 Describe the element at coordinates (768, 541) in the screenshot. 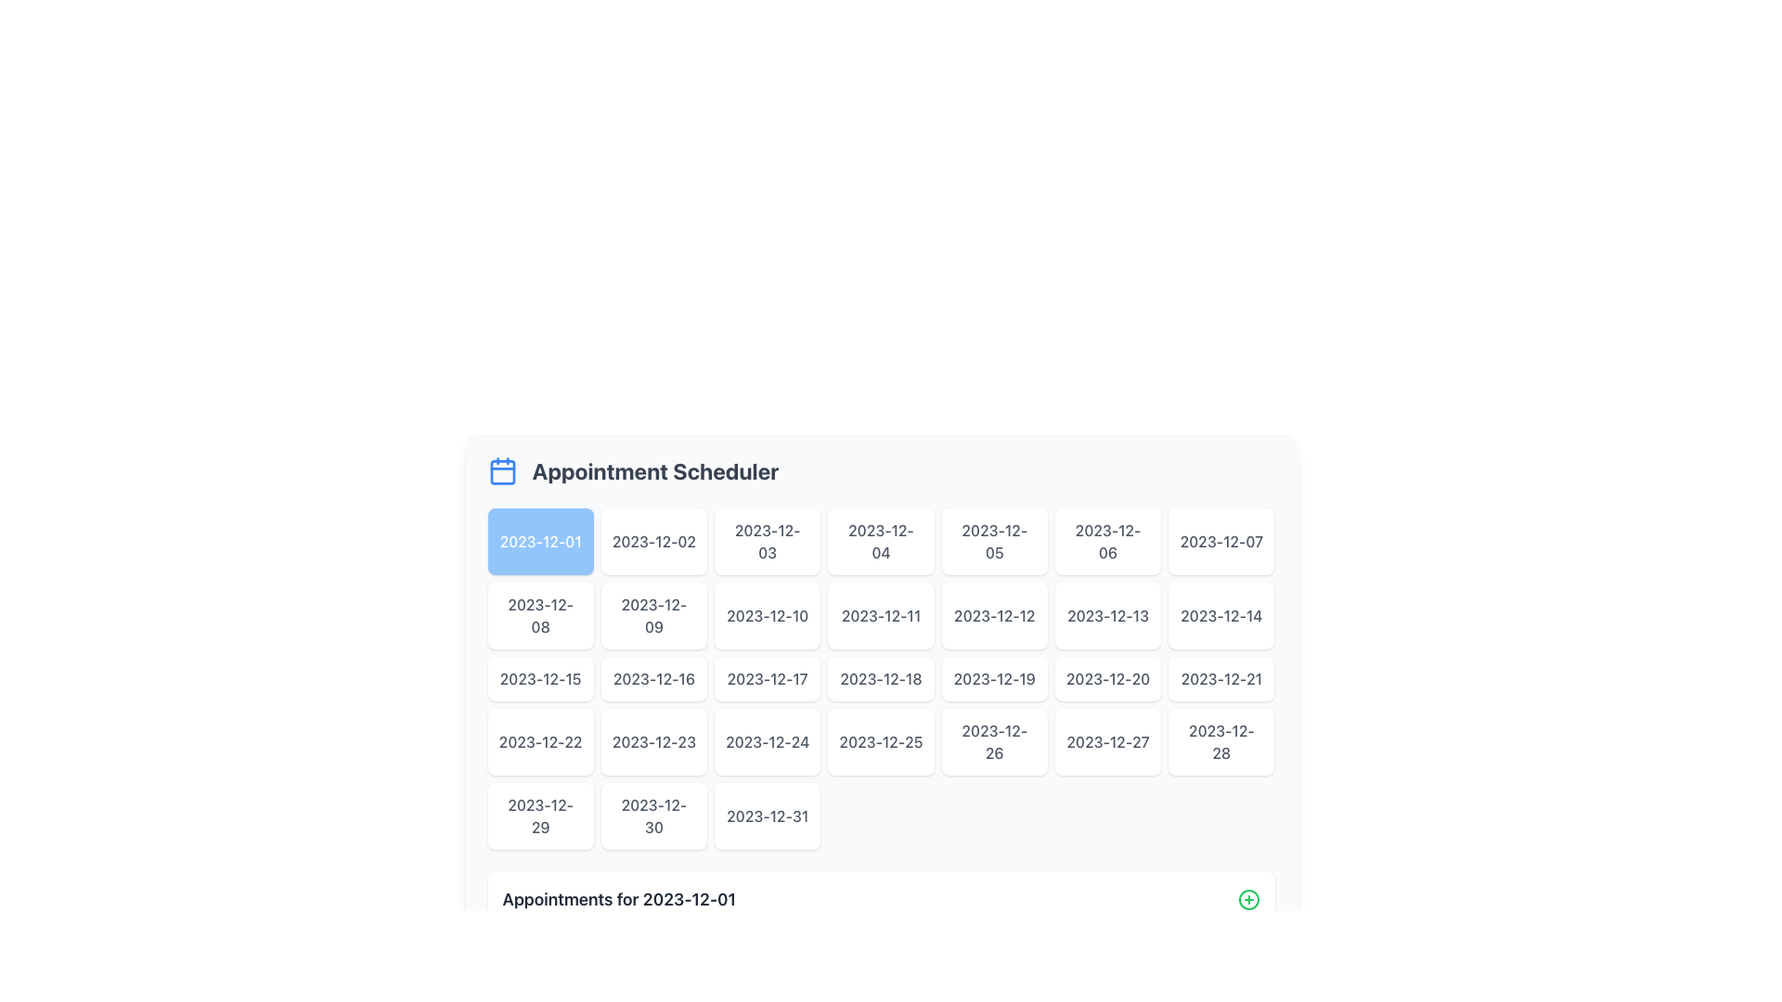

I see `the button displaying the date '2023-12-03', which is styled with a rounded rectangular shape and is located in the first row of the grid layout` at that location.